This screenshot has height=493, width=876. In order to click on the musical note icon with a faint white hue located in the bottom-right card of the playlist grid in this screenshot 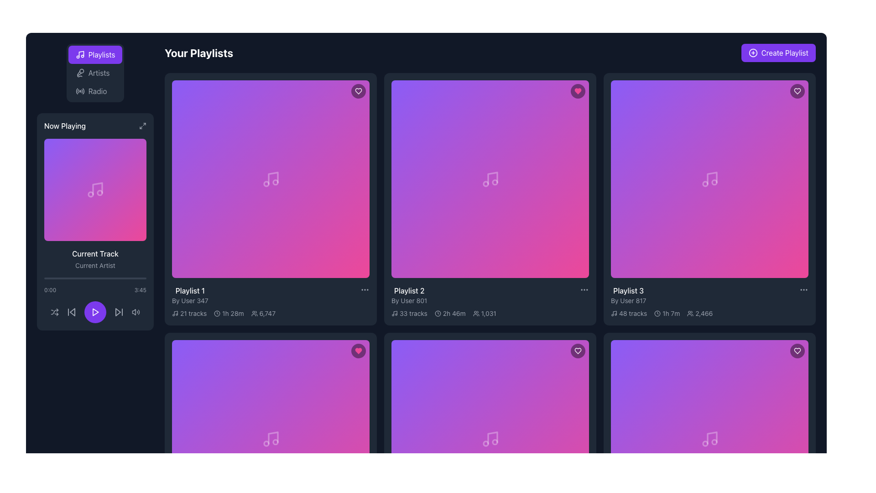, I will do `click(270, 438)`.